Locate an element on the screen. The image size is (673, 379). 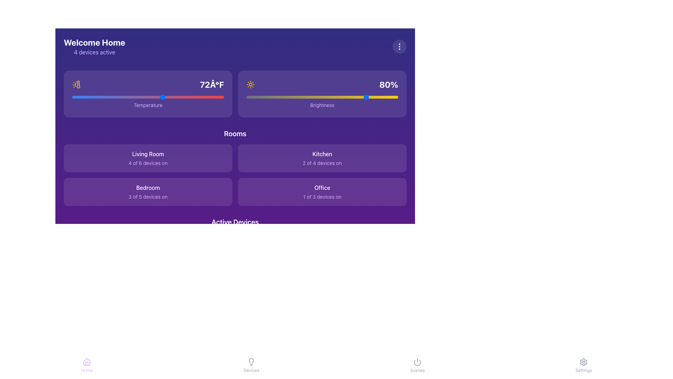
the textual label reading '3 of 5 devices on', which is styled in purple and located beneath the bold 'Bedroom' title in the 'Bedroom' card is located at coordinates (148, 197).